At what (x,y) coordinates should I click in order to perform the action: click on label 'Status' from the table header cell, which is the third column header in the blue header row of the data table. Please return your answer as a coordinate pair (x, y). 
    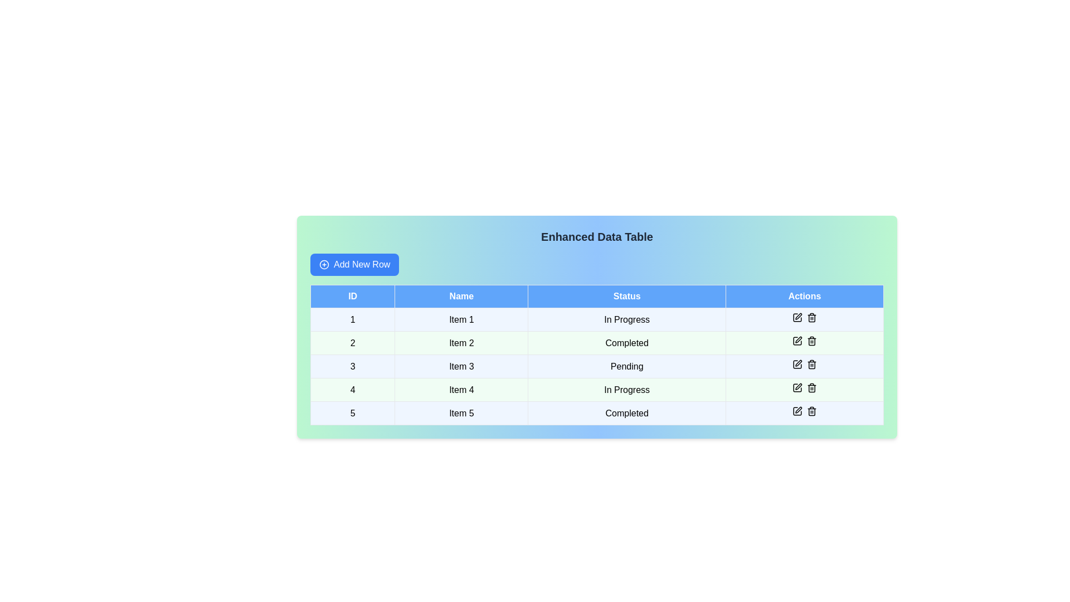
    Looking at the image, I should click on (627, 296).